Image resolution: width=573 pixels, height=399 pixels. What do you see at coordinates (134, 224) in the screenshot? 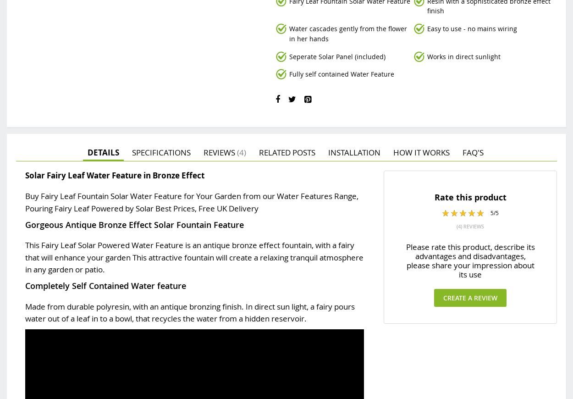
I see `'Gorgeous Antique Bronze Effect Solar Fountain Feature'` at bounding box center [134, 224].